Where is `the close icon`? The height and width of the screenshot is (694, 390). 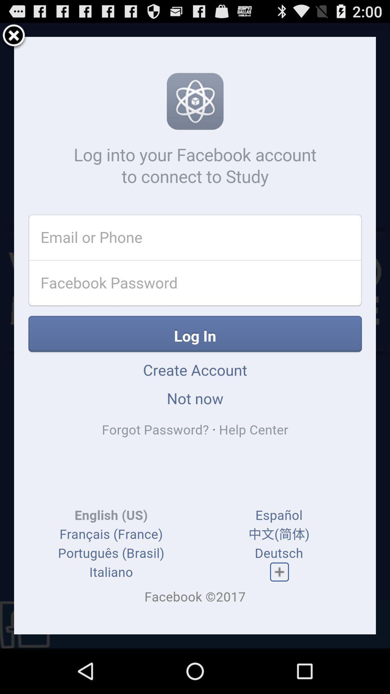
the close icon is located at coordinates (14, 39).